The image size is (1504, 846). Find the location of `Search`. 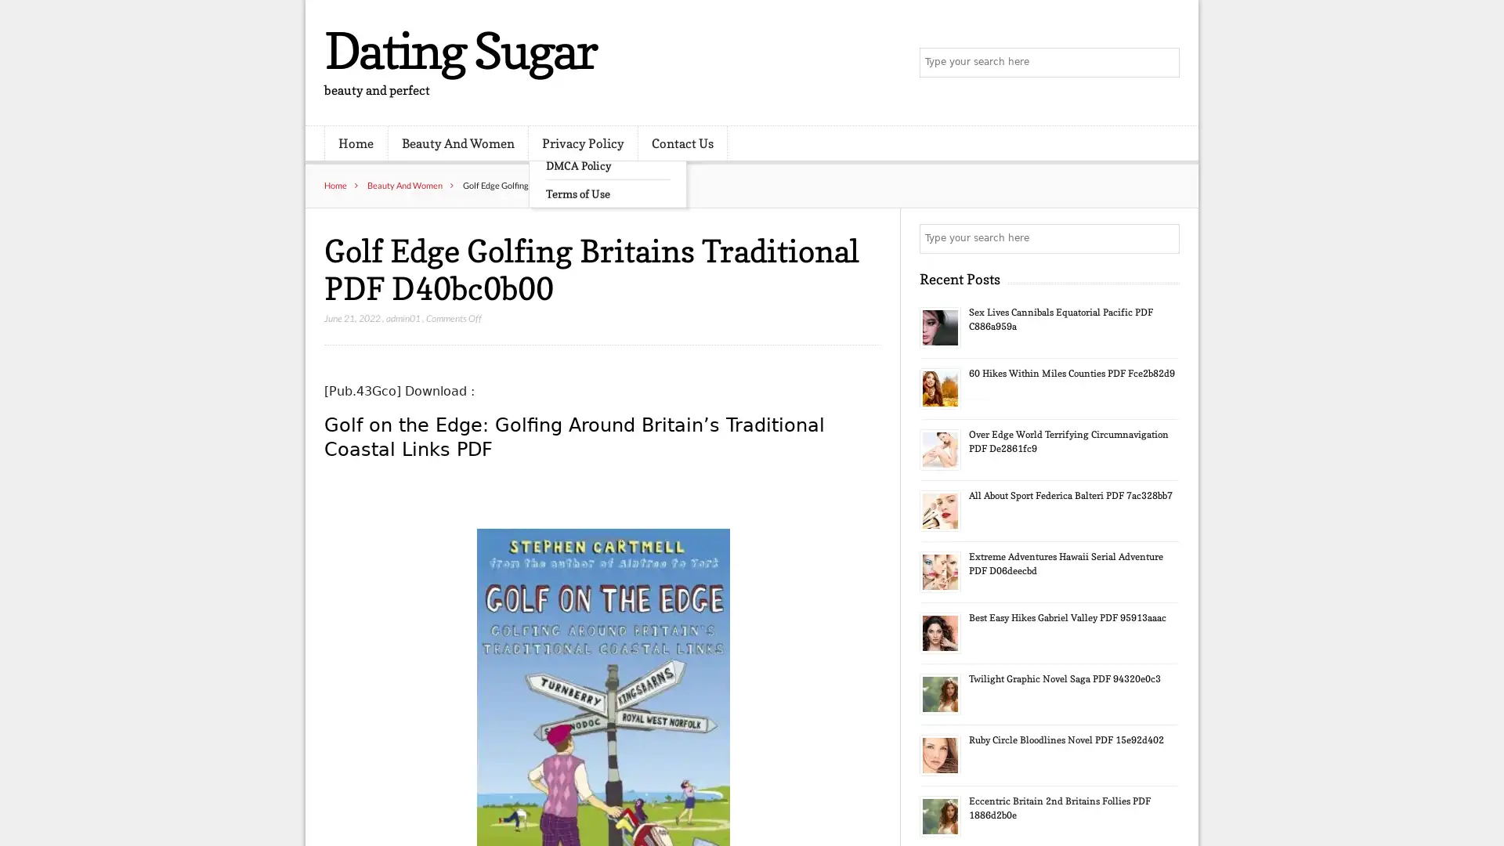

Search is located at coordinates (1163, 238).